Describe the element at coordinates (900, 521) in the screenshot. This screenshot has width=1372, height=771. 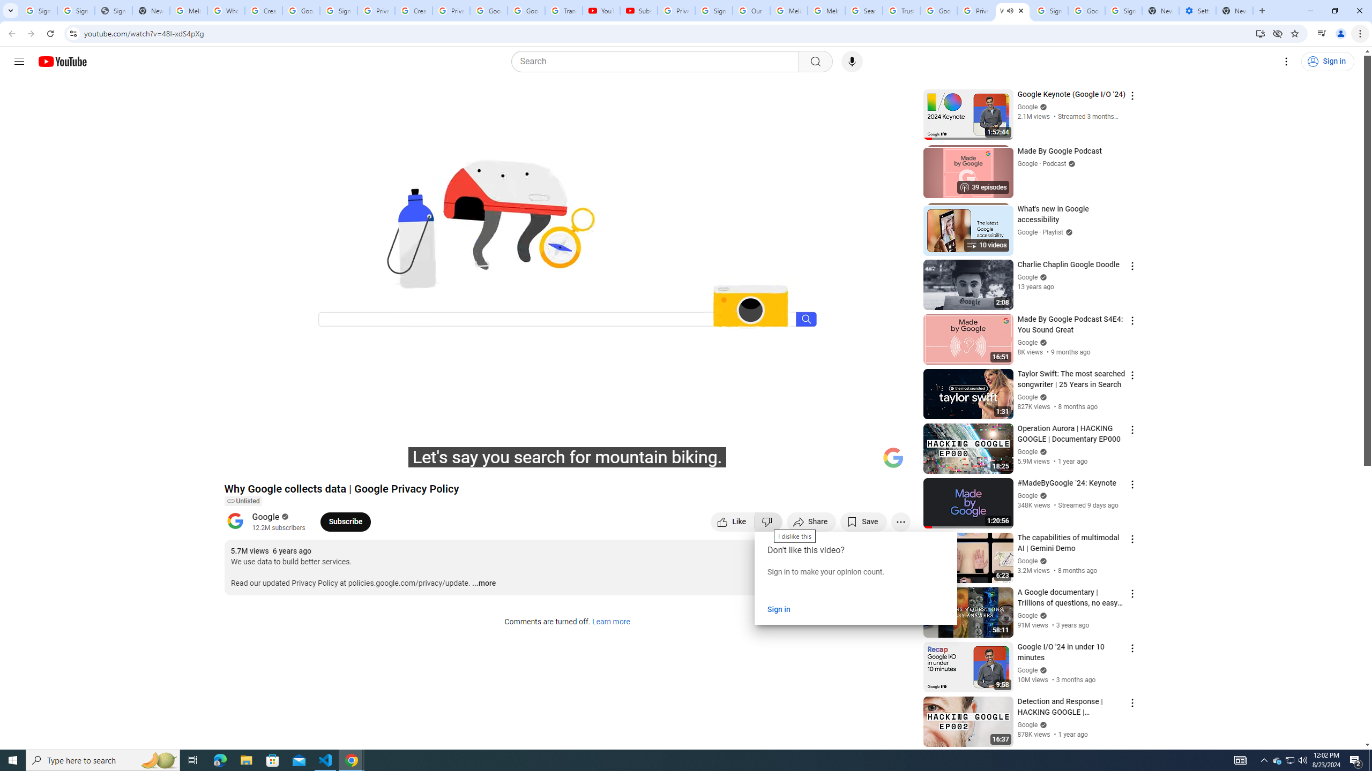
I see `'More actions'` at that location.